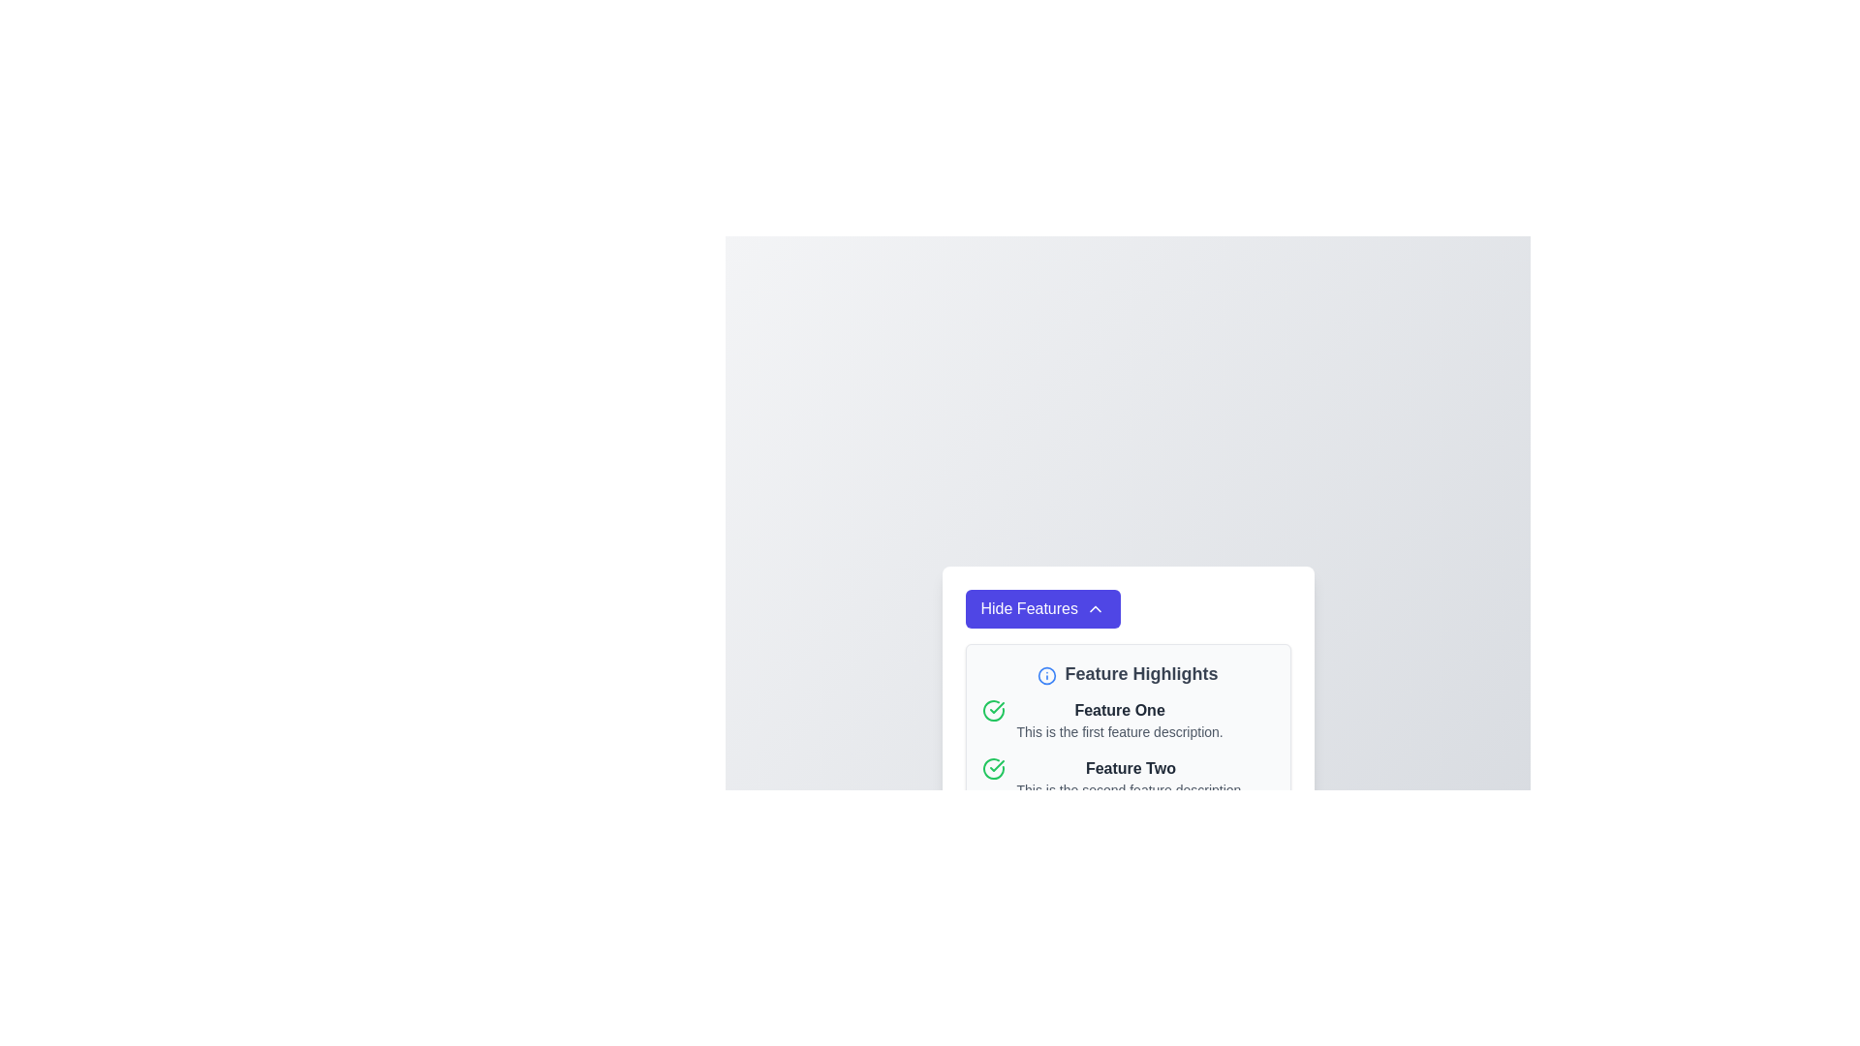 The image size is (1860, 1046). Describe the element at coordinates (1120, 721) in the screenshot. I see `title and description of the first feature in the list of highlighted features located under the 'Feature Highlights' heading` at that location.